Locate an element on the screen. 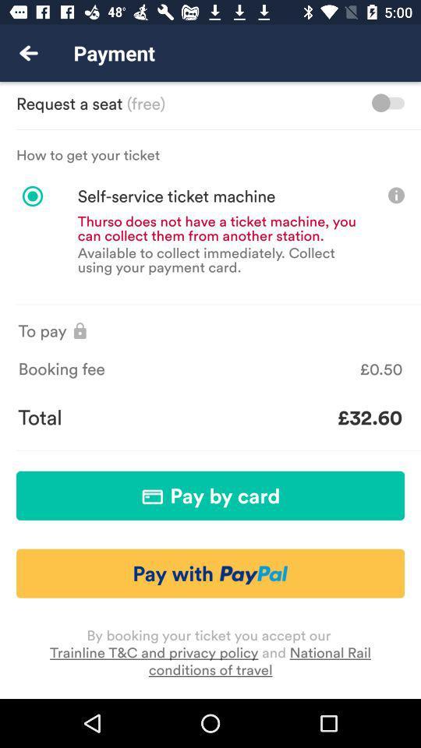 This screenshot has height=748, width=421. request a seat option is located at coordinates (387, 102).